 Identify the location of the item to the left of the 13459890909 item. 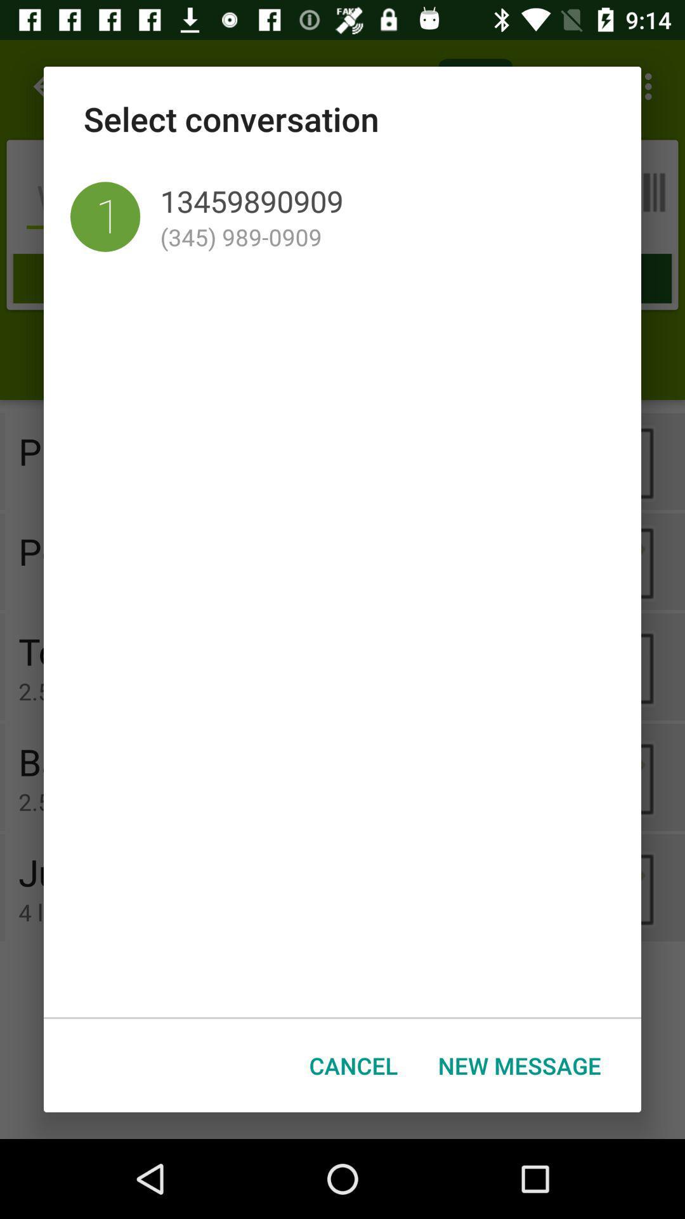
(105, 216).